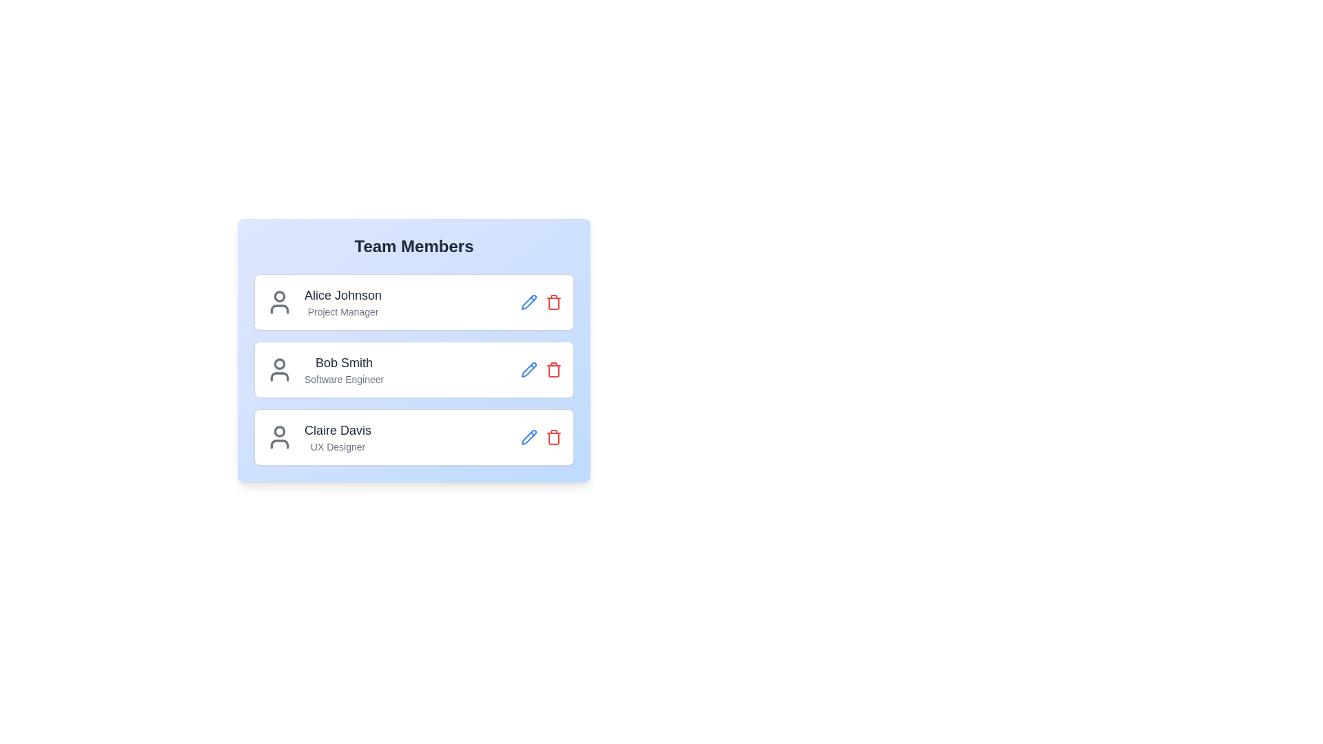  Describe the element at coordinates (554, 302) in the screenshot. I see `delete button for the team member Alice Johnson` at that location.